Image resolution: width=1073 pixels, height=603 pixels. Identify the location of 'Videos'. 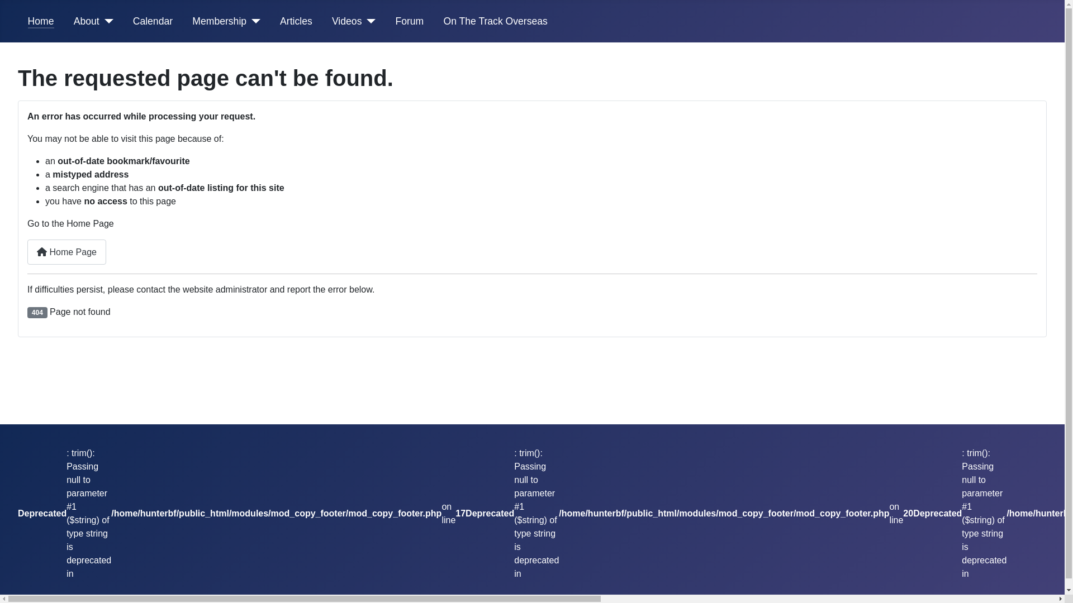
(331, 21).